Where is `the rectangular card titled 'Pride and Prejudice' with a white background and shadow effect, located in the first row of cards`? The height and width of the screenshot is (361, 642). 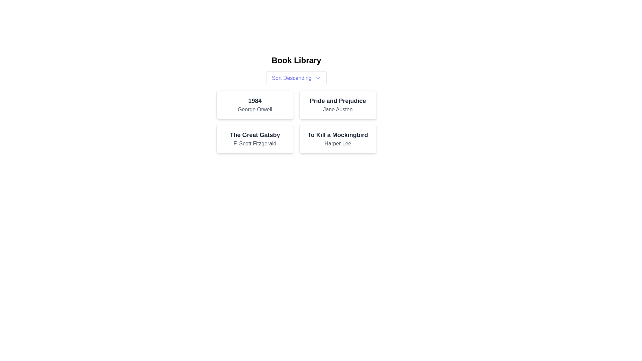
the rectangular card titled 'Pride and Prejudice' with a white background and shadow effect, located in the first row of cards is located at coordinates (338, 105).